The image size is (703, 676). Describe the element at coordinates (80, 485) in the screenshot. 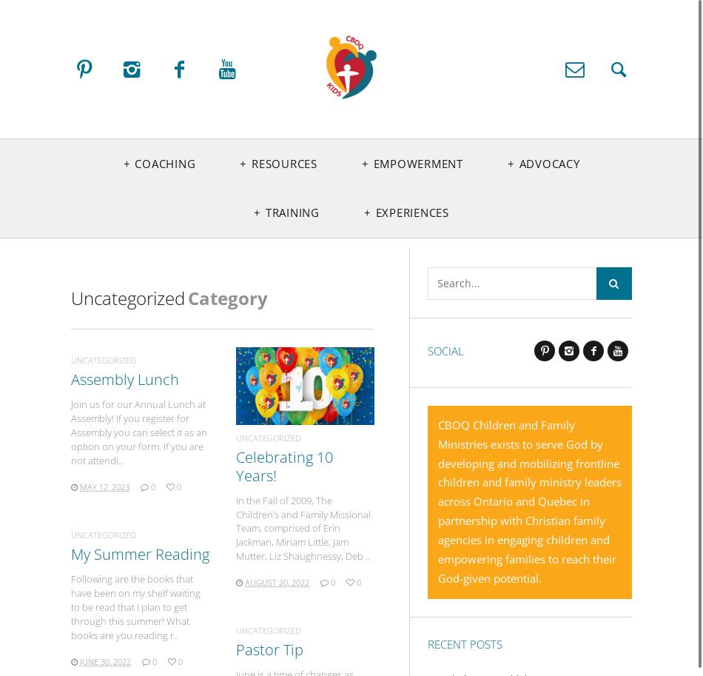

I see `'May 12, 2023'` at that location.